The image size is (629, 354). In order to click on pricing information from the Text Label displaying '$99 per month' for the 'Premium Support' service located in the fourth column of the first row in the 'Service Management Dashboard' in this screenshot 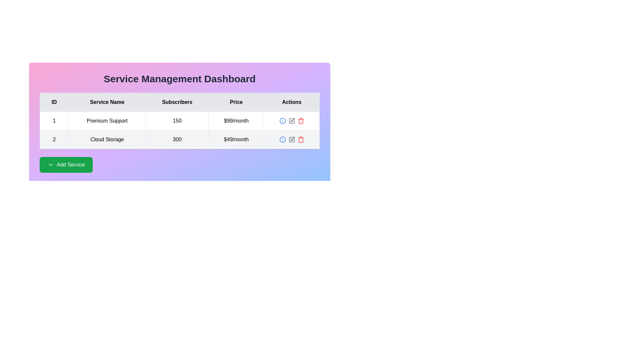, I will do `click(236, 121)`.